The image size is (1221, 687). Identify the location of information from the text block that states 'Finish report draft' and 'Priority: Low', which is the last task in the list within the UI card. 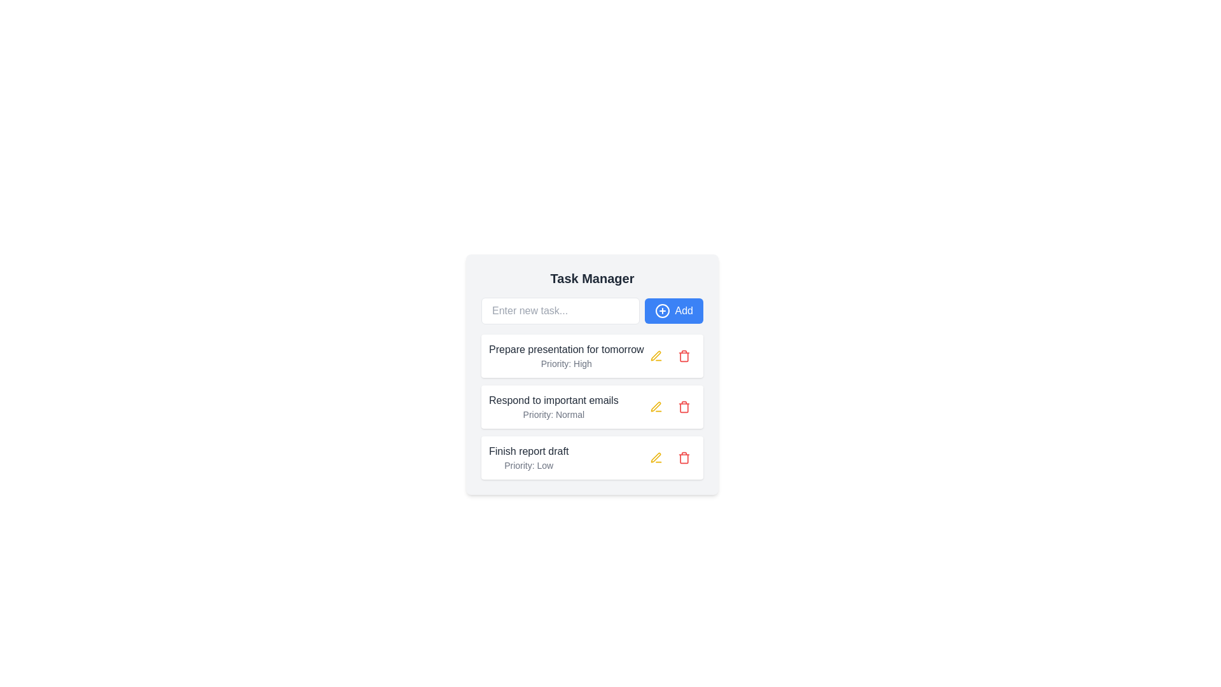
(528, 458).